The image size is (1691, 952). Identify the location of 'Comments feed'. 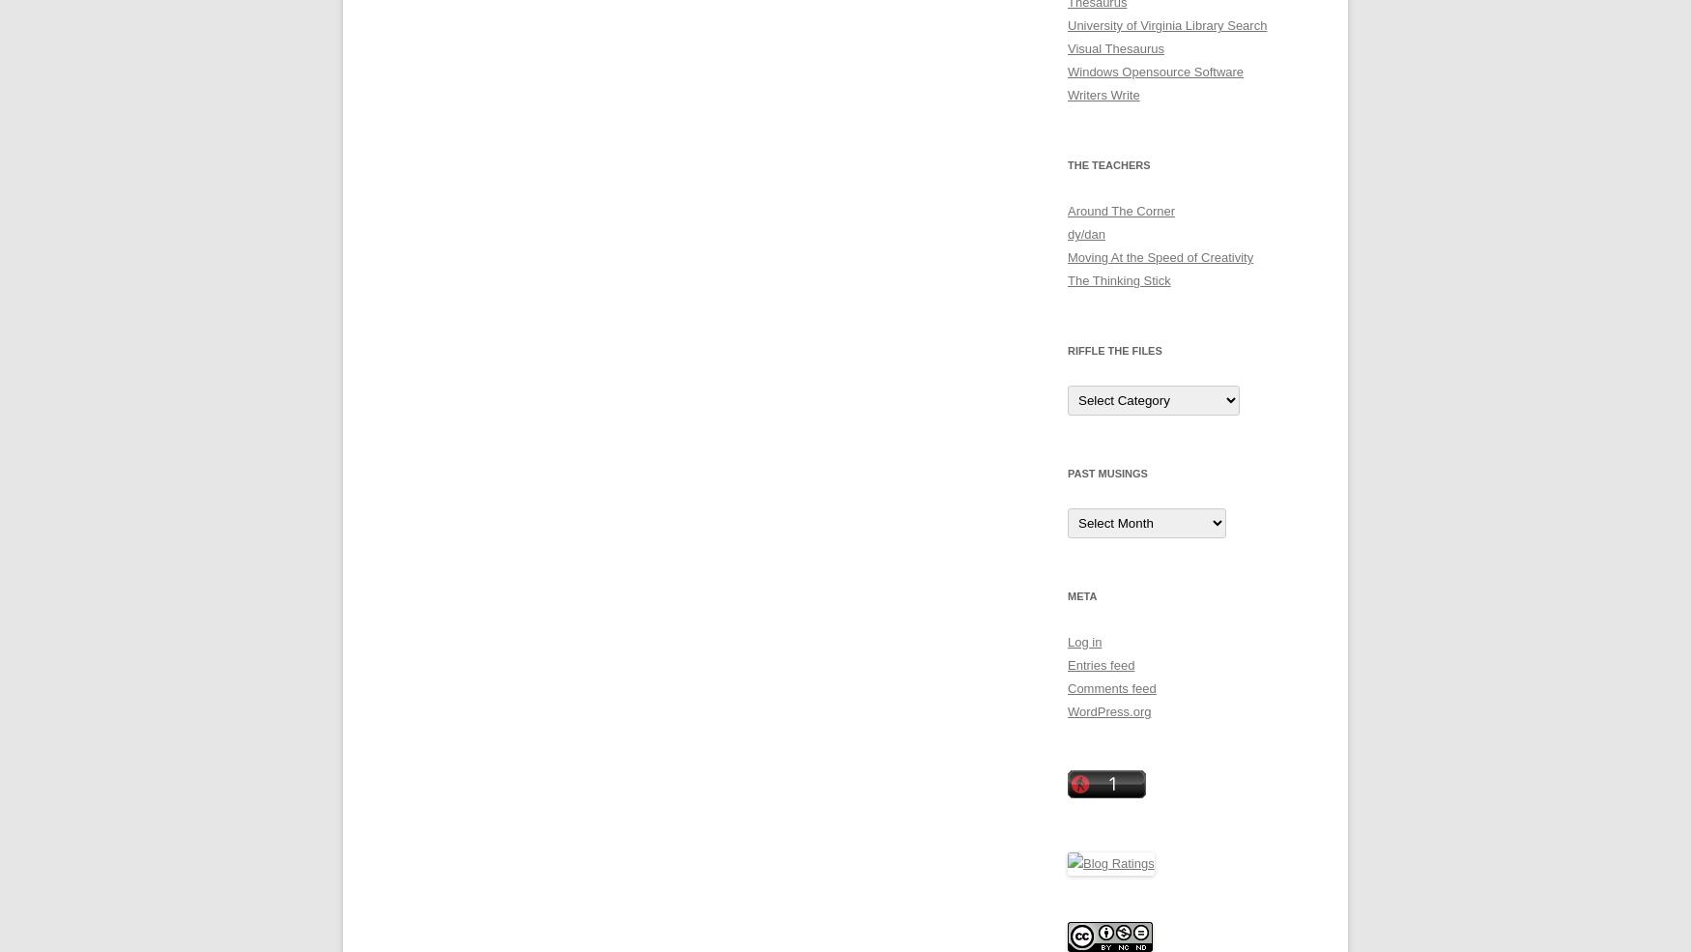
(1110, 688).